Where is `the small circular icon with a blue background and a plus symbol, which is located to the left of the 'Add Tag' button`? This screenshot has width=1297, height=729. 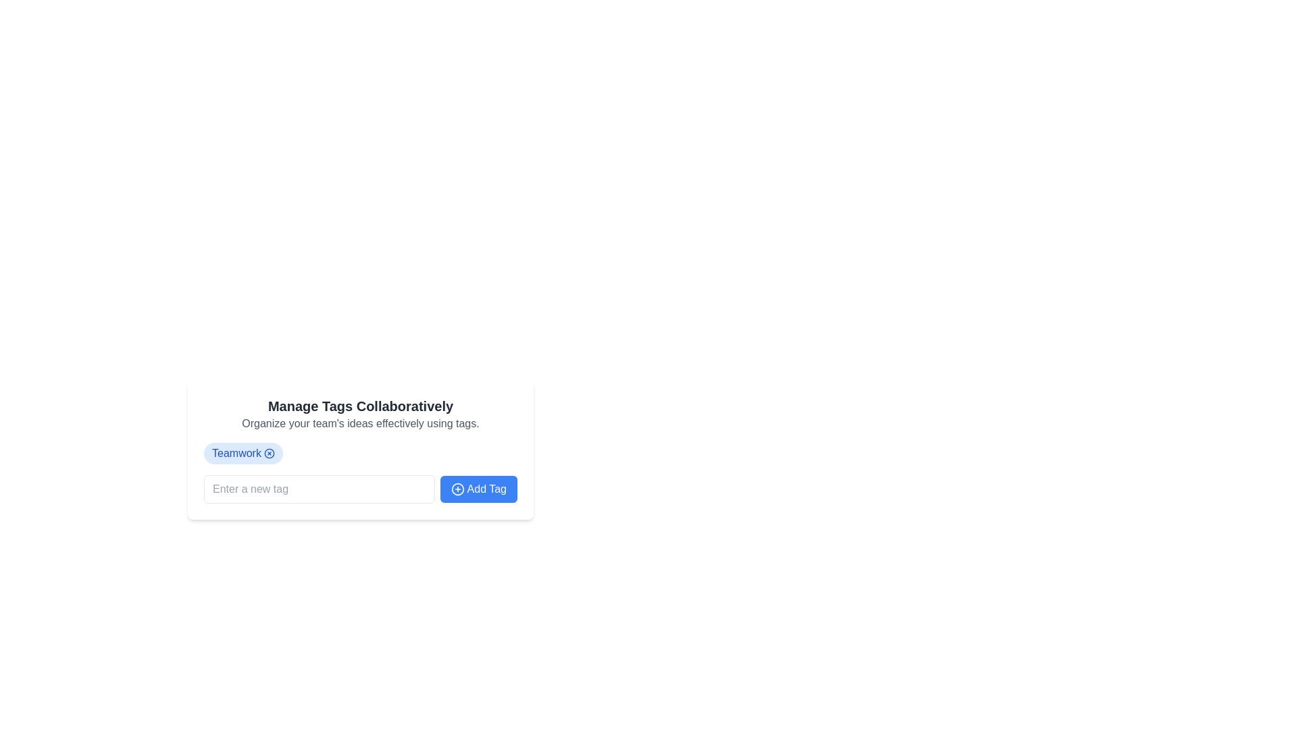 the small circular icon with a blue background and a plus symbol, which is located to the left of the 'Add Tag' button is located at coordinates (457, 489).